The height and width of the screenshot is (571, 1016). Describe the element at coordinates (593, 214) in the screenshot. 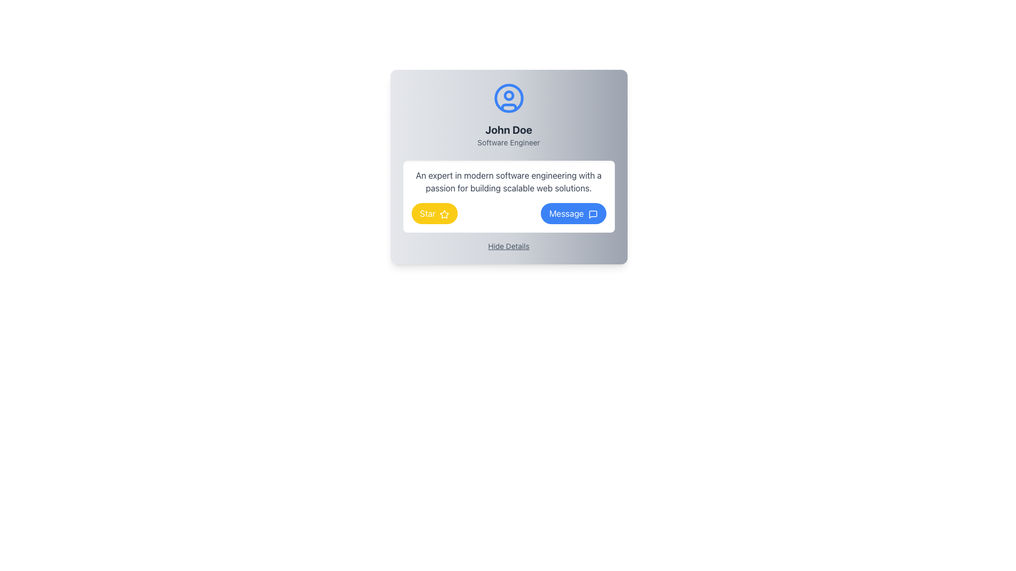

I see `the 'Message' icon located in the button at the bottom-right of the main profile card interface, which indicates a communication-related operation` at that location.